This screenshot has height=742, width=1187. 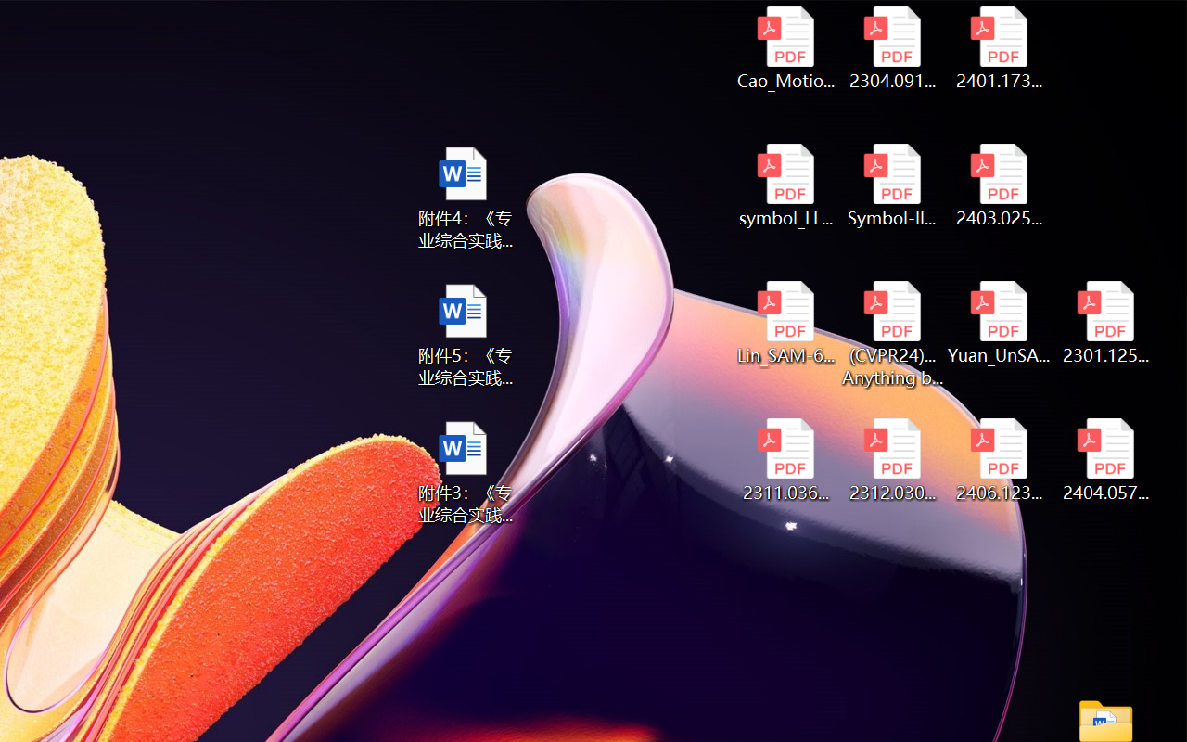 What do you see at coordinates (1105, 460) in the screenshot?
I see `'2404.05719v1.pdf'` at bounding box center [1105, 460].